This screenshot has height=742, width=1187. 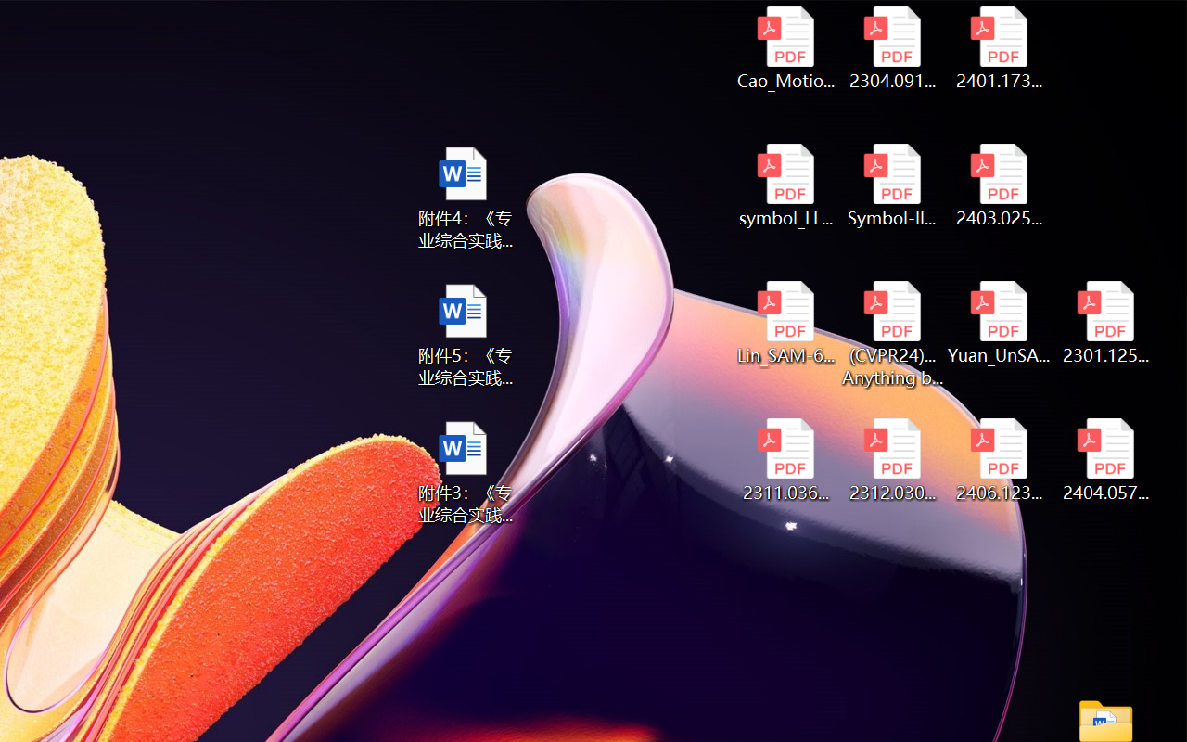 What do you see at coordinates (1105, 460) in the screenshot?
I see `'2404.05719v1.pdf'` at bounding box center [1105, 460].